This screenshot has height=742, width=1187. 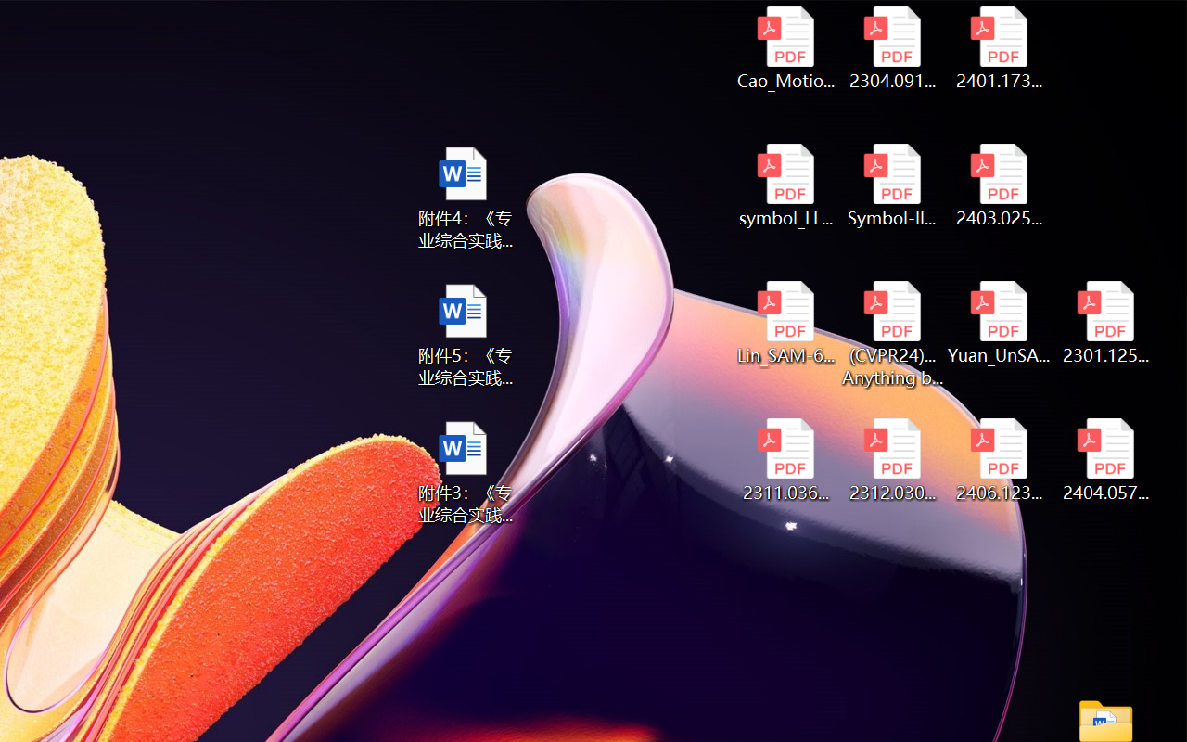 What do you see at coordinates (1105, 460) in the screenshot?
I see `'2404.05719v1.pdf'` at bounding box center [1105, 460].